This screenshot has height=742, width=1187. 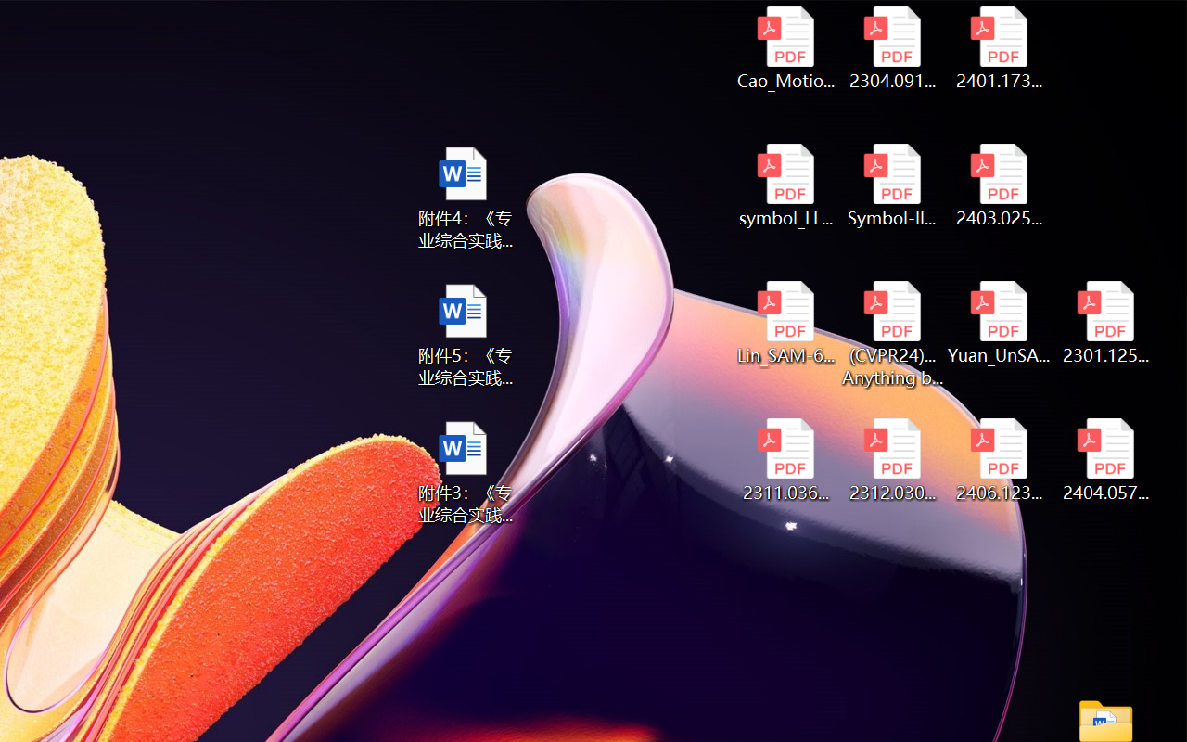 What do you see at coordinates (1105, 460) in the screenshot?
I see `'2404.05719v1.pdf'` at bounding box center [1105, 460].